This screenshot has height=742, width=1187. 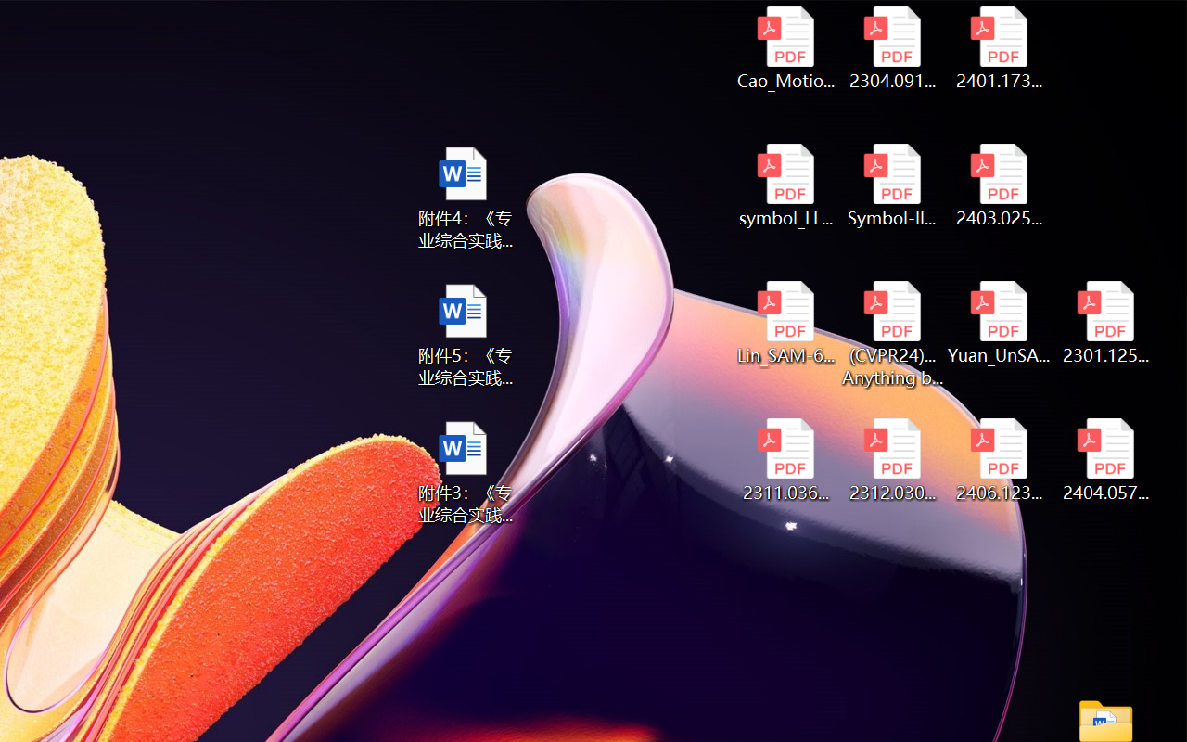 What do you see at coordinates (1105, 460) in the screenshot?
I see `'2404.05719v1.pdf'` at bounding box center [1105, 460].